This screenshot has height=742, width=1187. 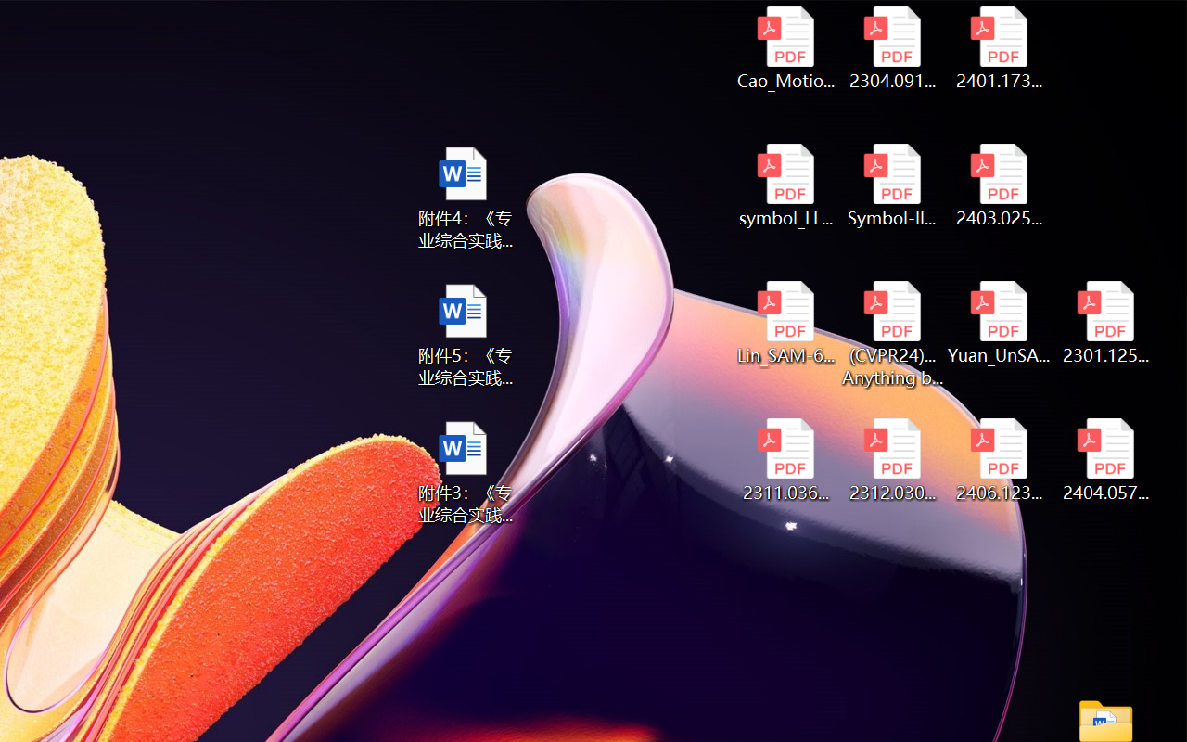 What do you see at coordinates (1105, 460) in the screenshot?
I see `'2404.05719v1.pdf'` at bounding box center [1105, 460].